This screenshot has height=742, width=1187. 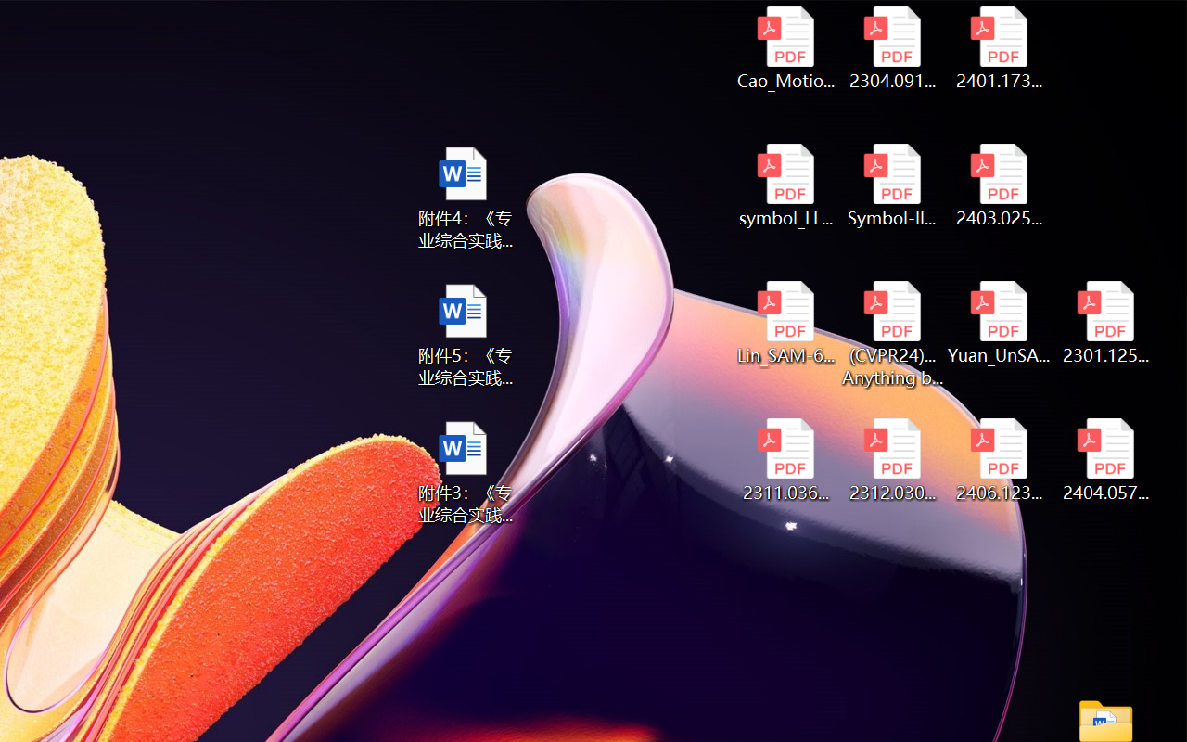 What do you see at coordinates (1105, 460) in the screenshot?
I see `'2404.05719v1.pdf'` at bounding box center [1105, 460].